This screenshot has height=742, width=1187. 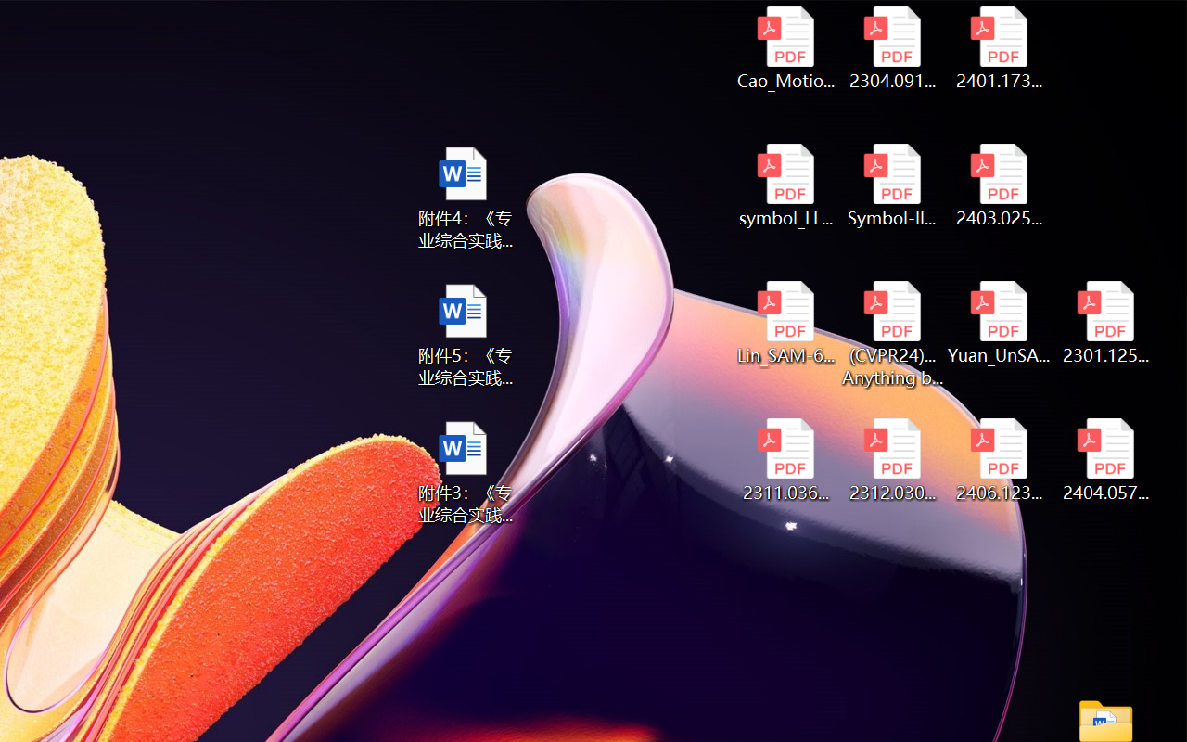 What do you see at coordinates (1105, 460) in the screenshot?
I see `'2404.05719v1.pdf'` at bounding box center [1105, 460].